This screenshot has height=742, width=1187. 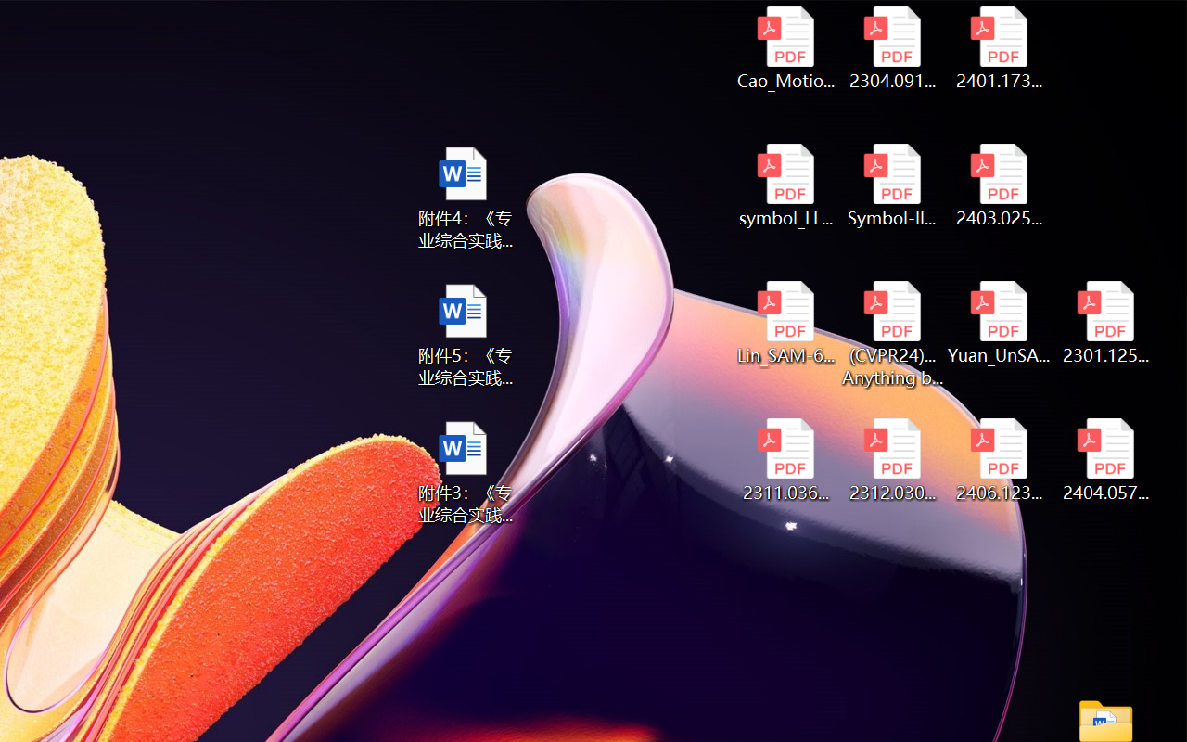 What do you see at coordinates (1105, 460) in the screenshot?
I see `'2404.05719v1.pdf'` at bounding box center [1105, 460].